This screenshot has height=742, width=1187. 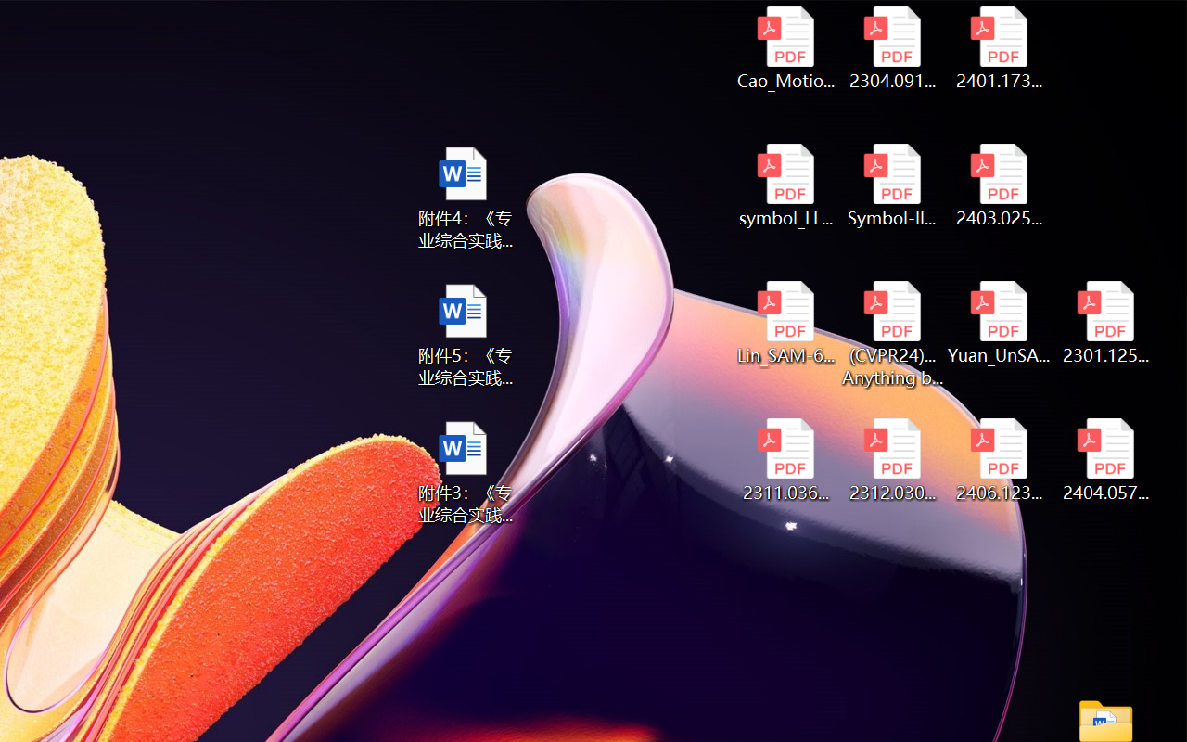 What do you see at coordinates (1105, 460) in the screenshot?
I see `'2404.05719v1.pdf'` at bounding box center [1105, 460].